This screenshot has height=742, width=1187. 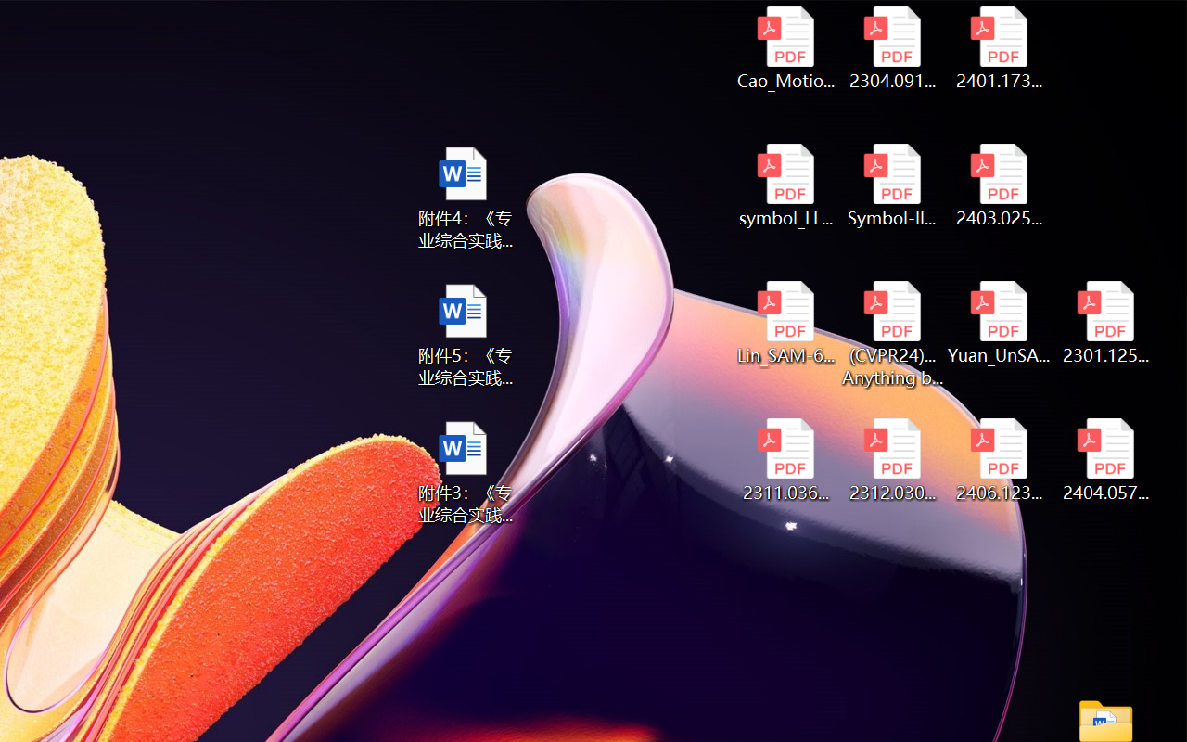 What do you see at coordinates (1105, 460) in the screenshot?
I see `'2404.05719v1.pdf'` at bounding box center [1105, 460].